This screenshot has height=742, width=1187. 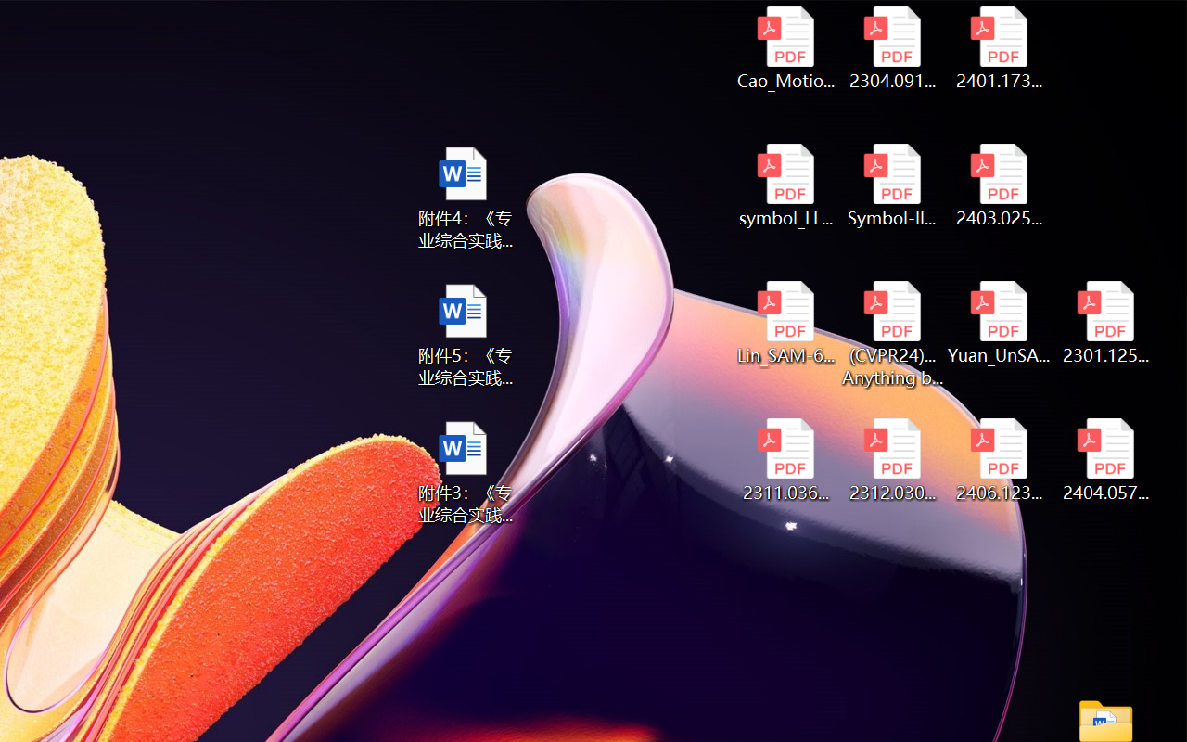 What do you see at coordinates (1105, 460) in the screenshot?
I see `'2404.05719v1.pdf'` at bounding box center [1105, 460].